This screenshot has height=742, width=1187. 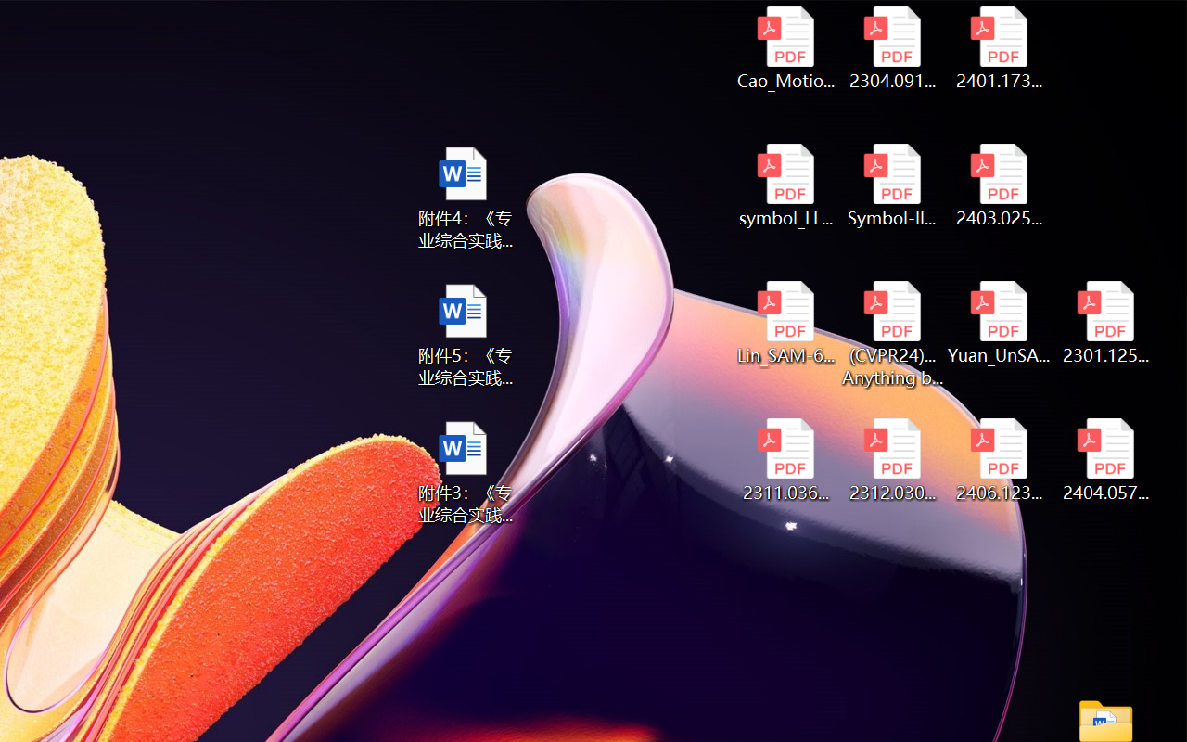 What do you see at coordinates (1105, 460) in the screenshot?
I see `'2404.05719v1.pdf'` at bounding box center [1105, 460].